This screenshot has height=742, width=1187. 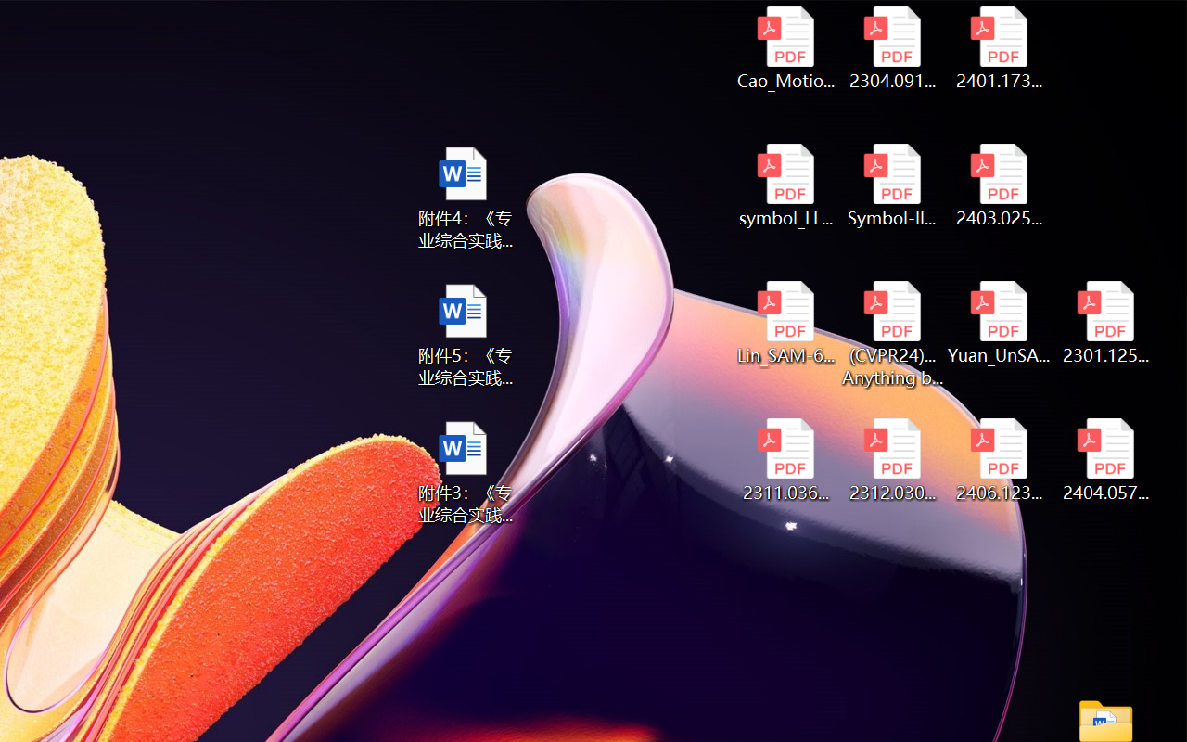 What do you see at coordinates (1105, 460) in the screenshot?
I see `'2404.05719v1.pdf'` at bounding box center [1105, 460].